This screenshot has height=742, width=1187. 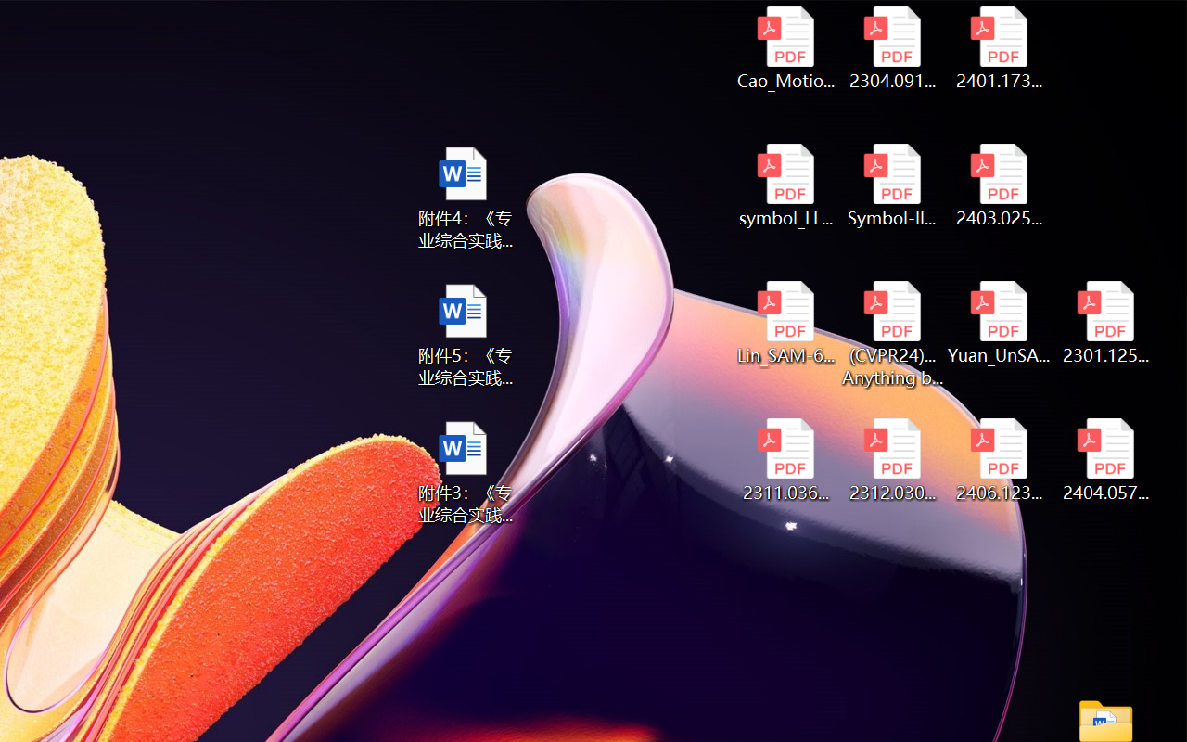 What do you see at coordinates (1105, 460) in the screenshot?
I see `'2404.05719v1.pdf'` at bounding box center [1105, 460].